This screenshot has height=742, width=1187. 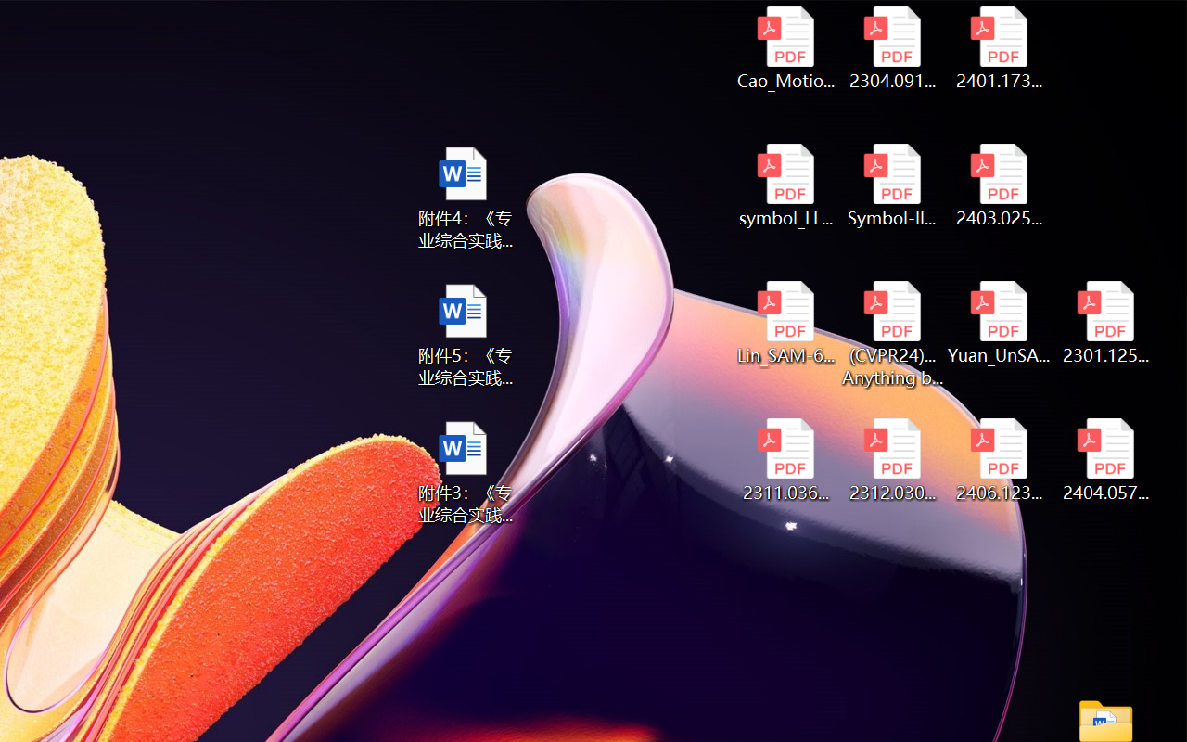 What do you see at coordinates (1105, 460) in the screenshot?
I see `'2404.05719v1.pdf'` at bounding box center [1105, 460].